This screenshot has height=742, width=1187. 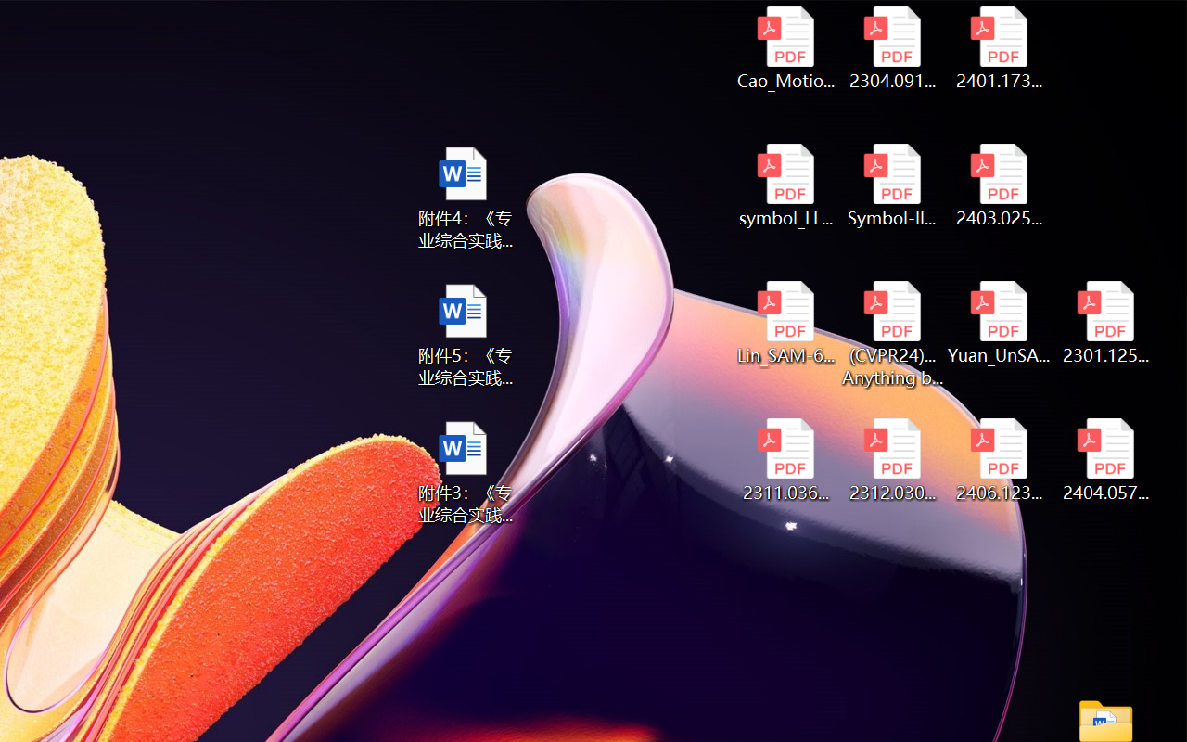 What do you see at coordinates (1105, 460) in the screenshot?
I see `'2404.05719v1.pdf'` at bounding box center [1105, 460].